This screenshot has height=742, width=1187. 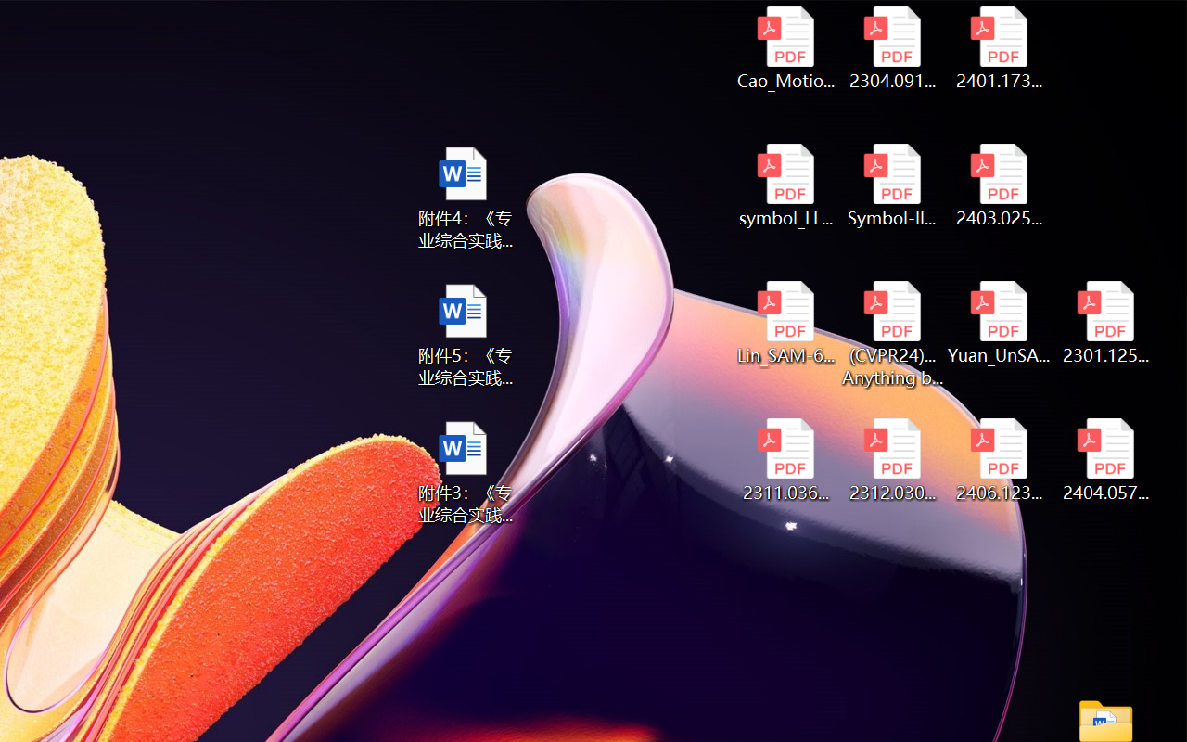 What do you see at coordinates (1105, 460) in the screenshot?
I see `'2404.05719v1.pdf'` at bounding box center [1105, 460].